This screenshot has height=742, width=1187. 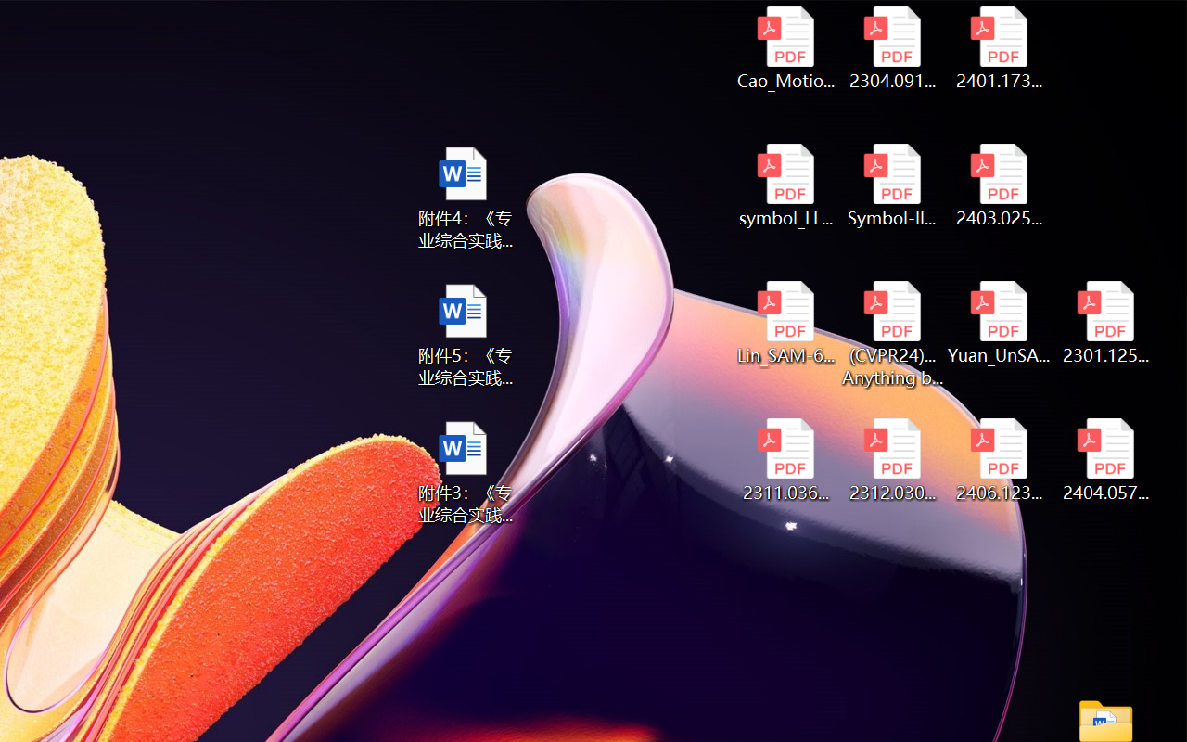 What do you see at coordinates (1105, 460) in the screenshot?
I see `'2404.05719v1.pdf'` at bounding box center [1105, 460].